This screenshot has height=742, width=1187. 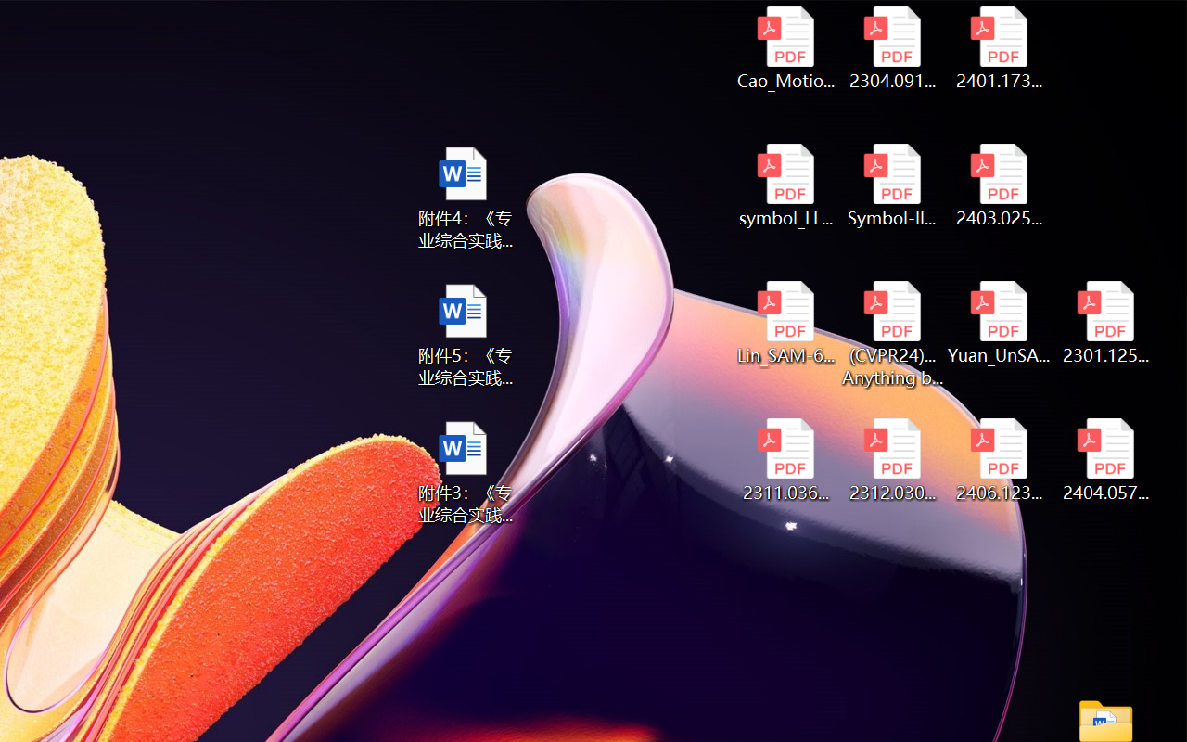 What do you see at coordinates (1105, 460) in the screenshot?
I see `'2404.05719v1.pdf'` at bounding box center [1105, 460].